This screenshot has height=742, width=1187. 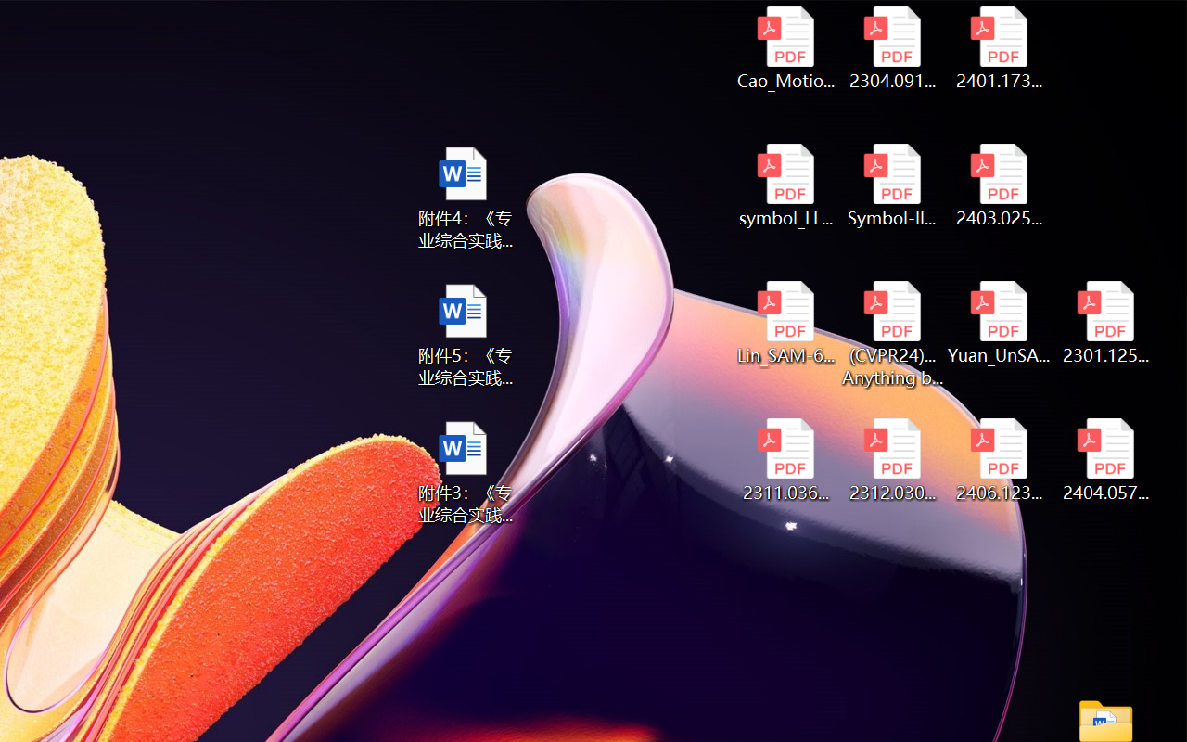 What do you see at coordinates (1105, 460) in the screenshot?
I see `'2404.05719v1.pdf'` at bounding box center [1105, 460].